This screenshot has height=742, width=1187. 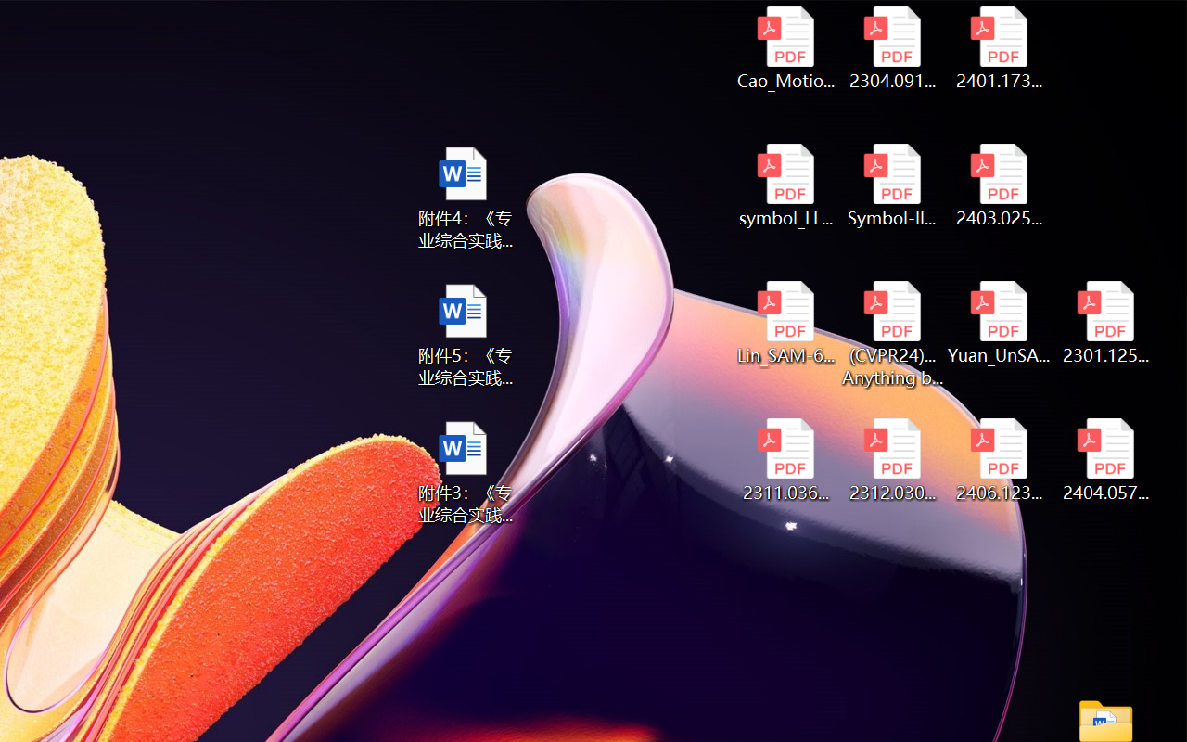 What do you see at coordinates (1105, 460) in the screenshot?
I see `'2404.05719v1.pdf'` at bounding box center [1105, 460].